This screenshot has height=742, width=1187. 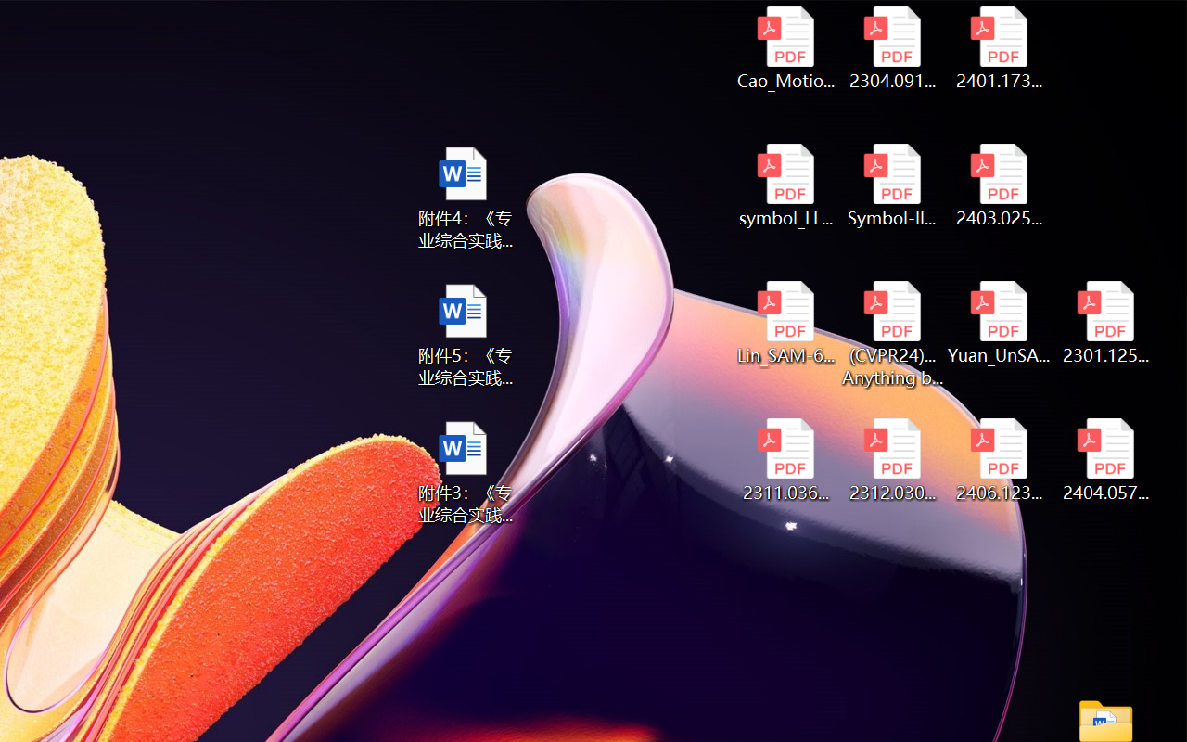 What do you see at coordinates (1105, 460) in the screenshot?
I see `'2404.05719v1.pdf'` at bounding box center [1105, 460].